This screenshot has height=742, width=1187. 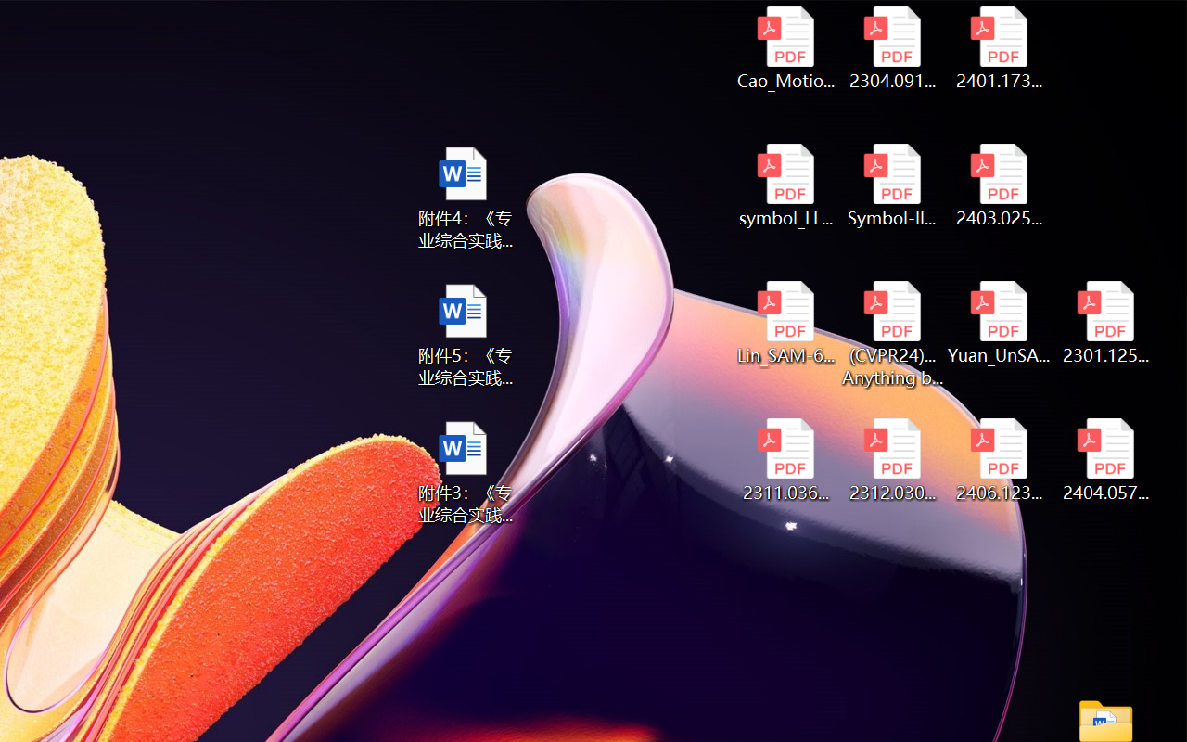 What do you see at coordinates (1105, 460) in the screenshot?
I see `'2404.05719v1.pdf'` at bounding box center [1105, 460].